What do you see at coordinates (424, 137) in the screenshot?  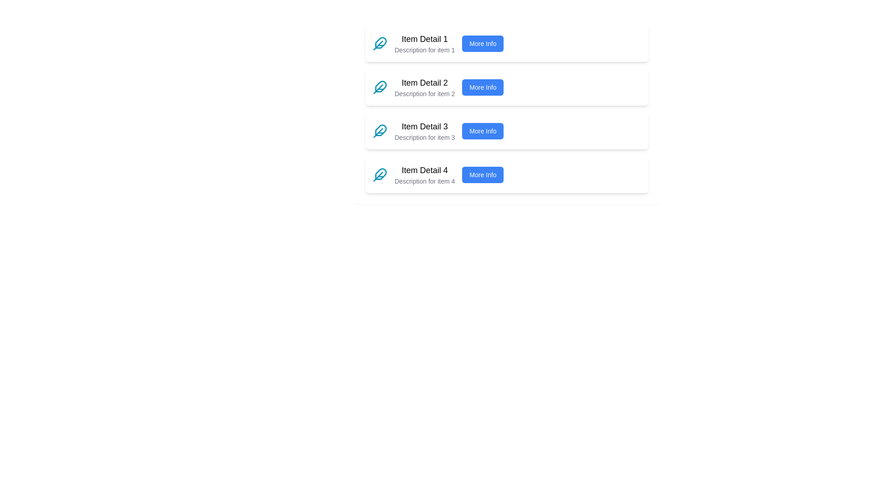 I see `the static text label providing descriptive information related to 'Item Detail 3', located below the 'Item Detail 3' heading in the third row of the list-like layout` at bounding box center [424, 137].